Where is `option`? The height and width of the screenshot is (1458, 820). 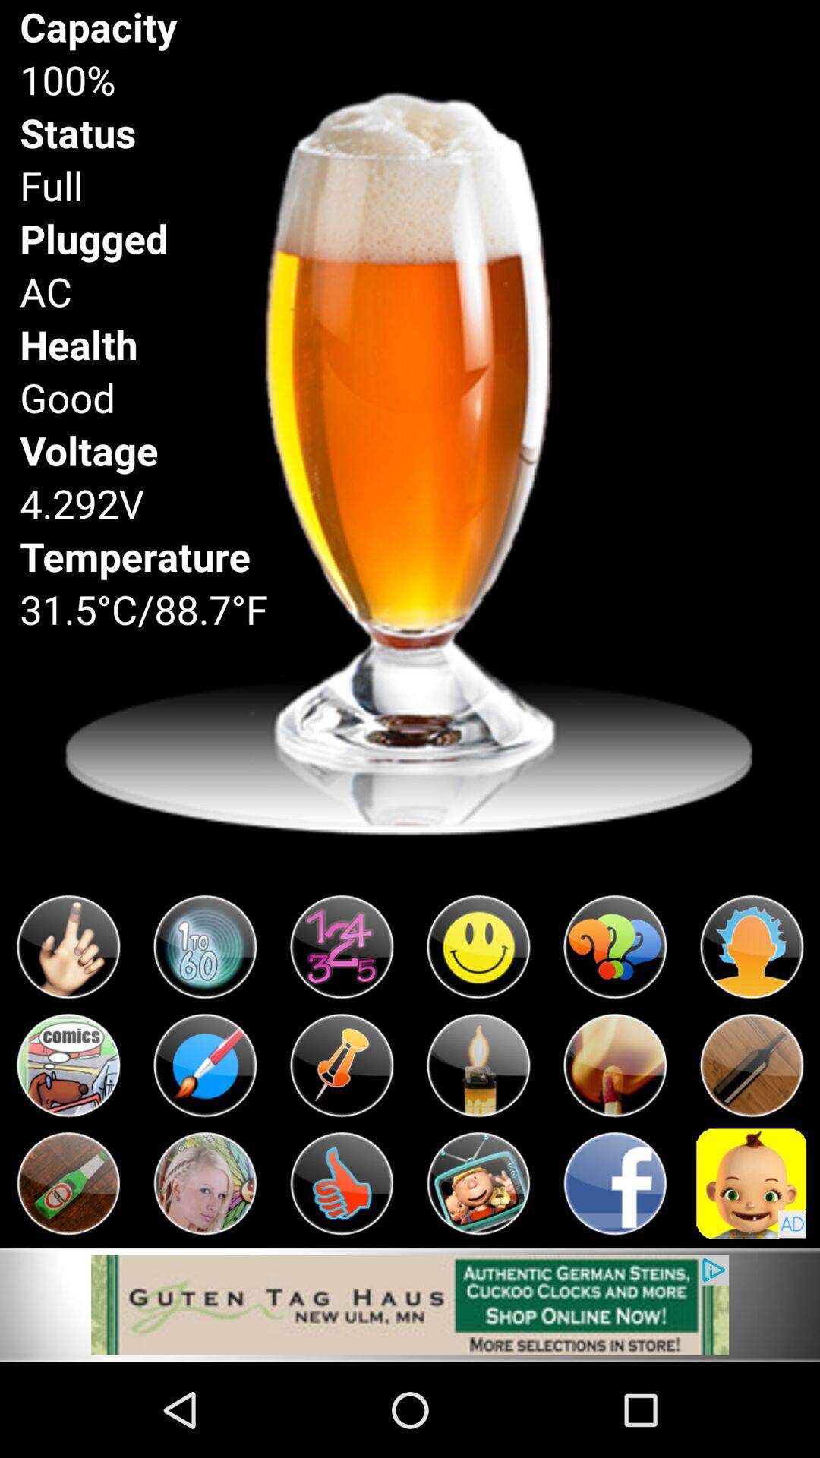 option is located at coordinates (205, 1182).